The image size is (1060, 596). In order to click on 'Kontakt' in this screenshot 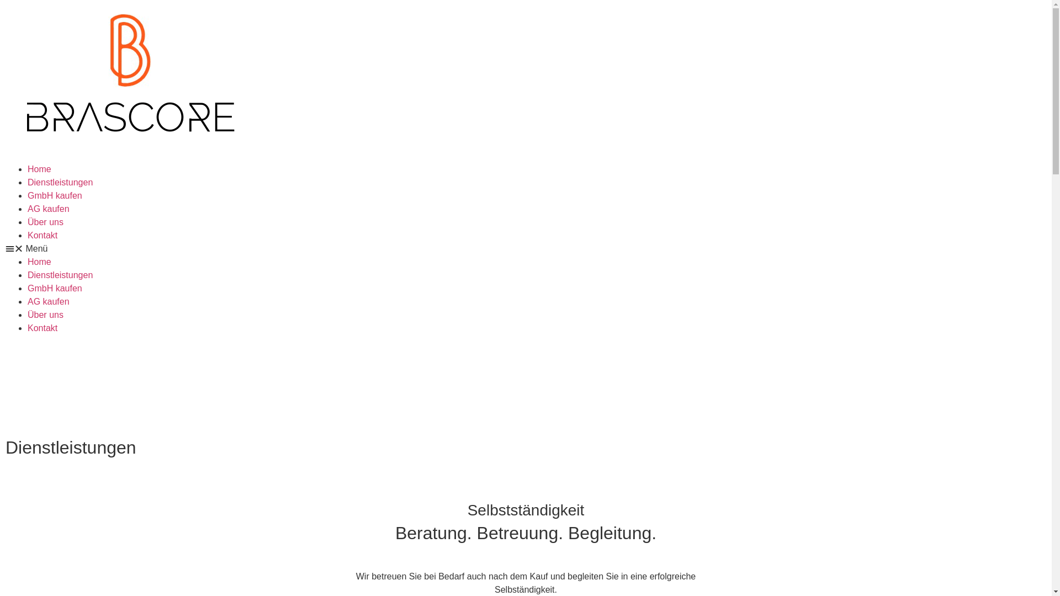, I will do `click(42, 235)`.